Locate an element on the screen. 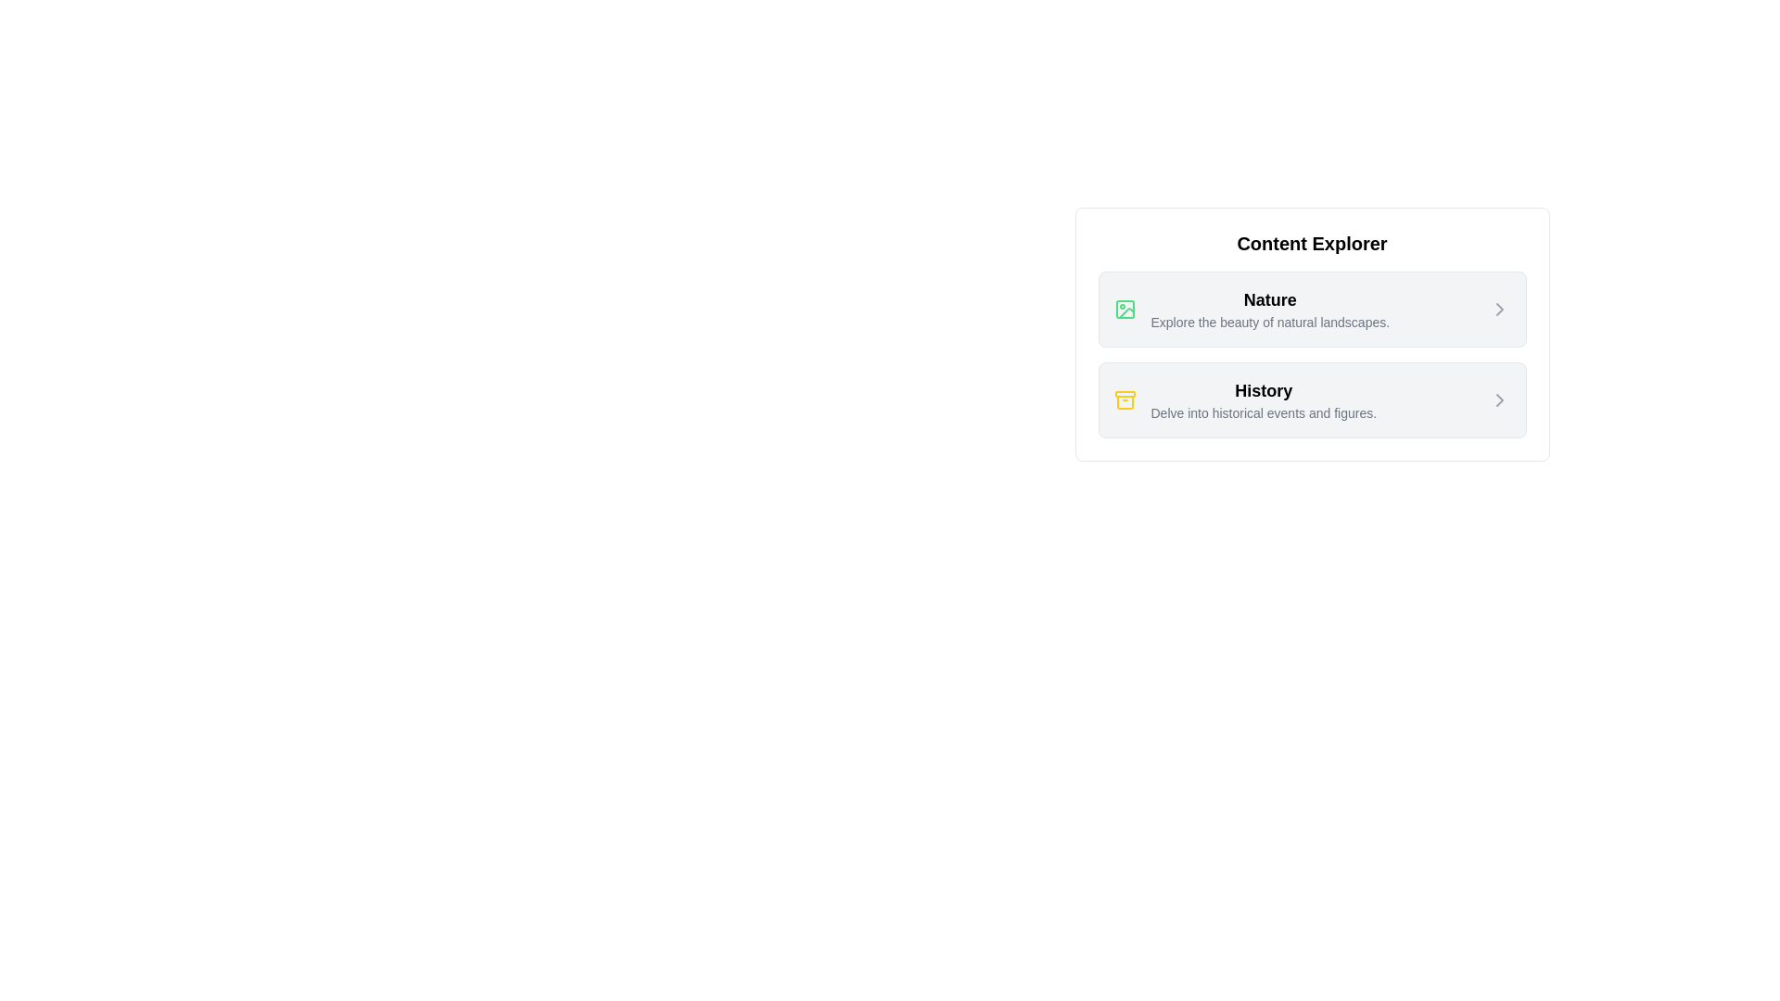 This screenshot has width=1780, height=1001. the navigation icon located in the right section of the 'Nature' row in the 'Content Explorer' panel is located at coordinates (1499, 309).